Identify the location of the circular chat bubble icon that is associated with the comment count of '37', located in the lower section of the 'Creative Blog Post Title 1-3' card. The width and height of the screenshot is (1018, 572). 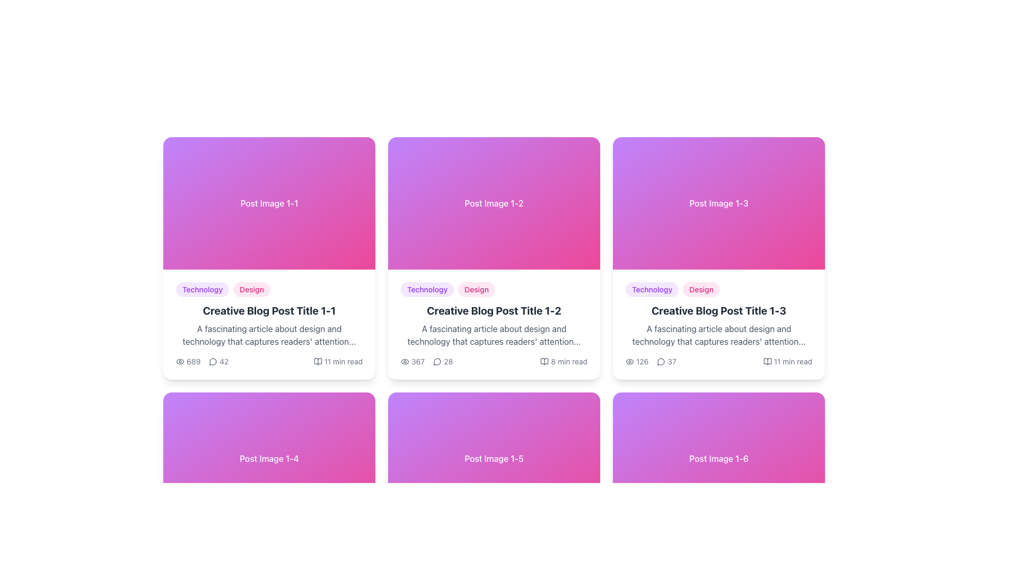
(661, 361).